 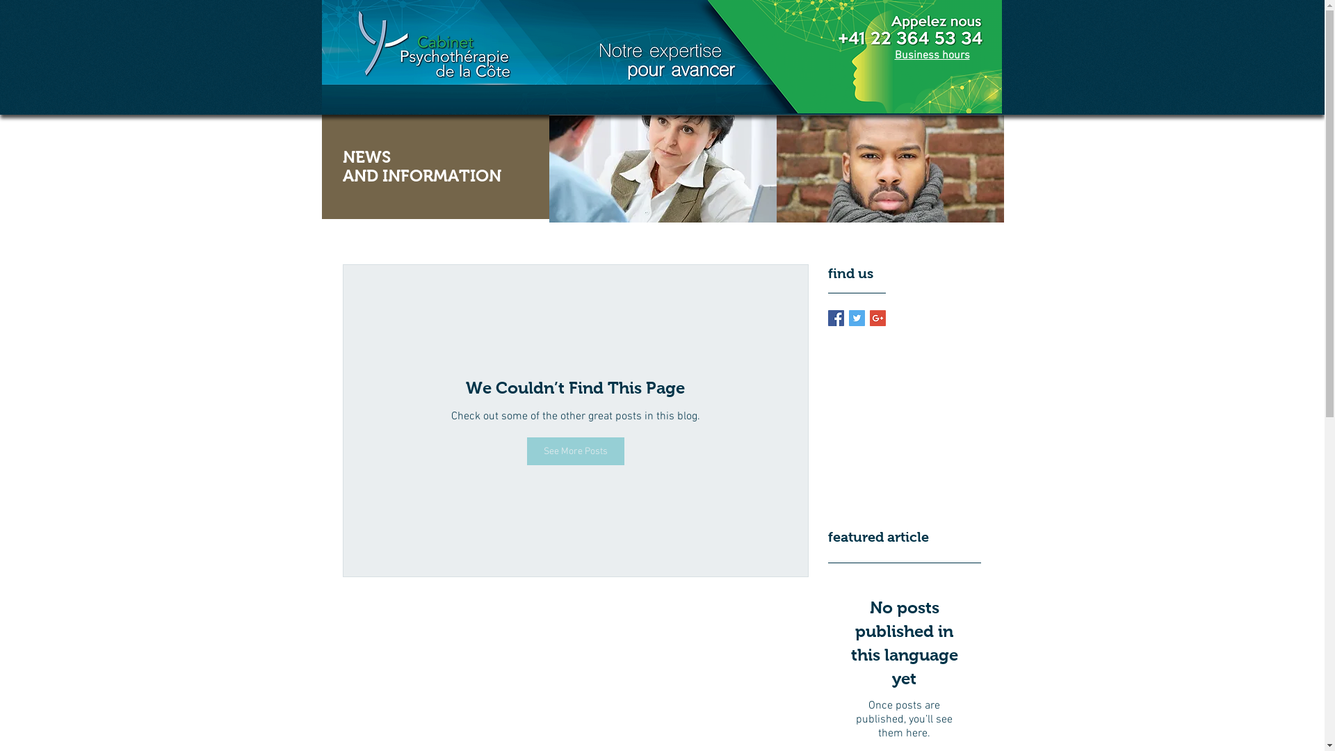 What do you see at coordinates (526, 451) in the screenshot?
I see `'See More Posts'` at bounding box center [526, 451].